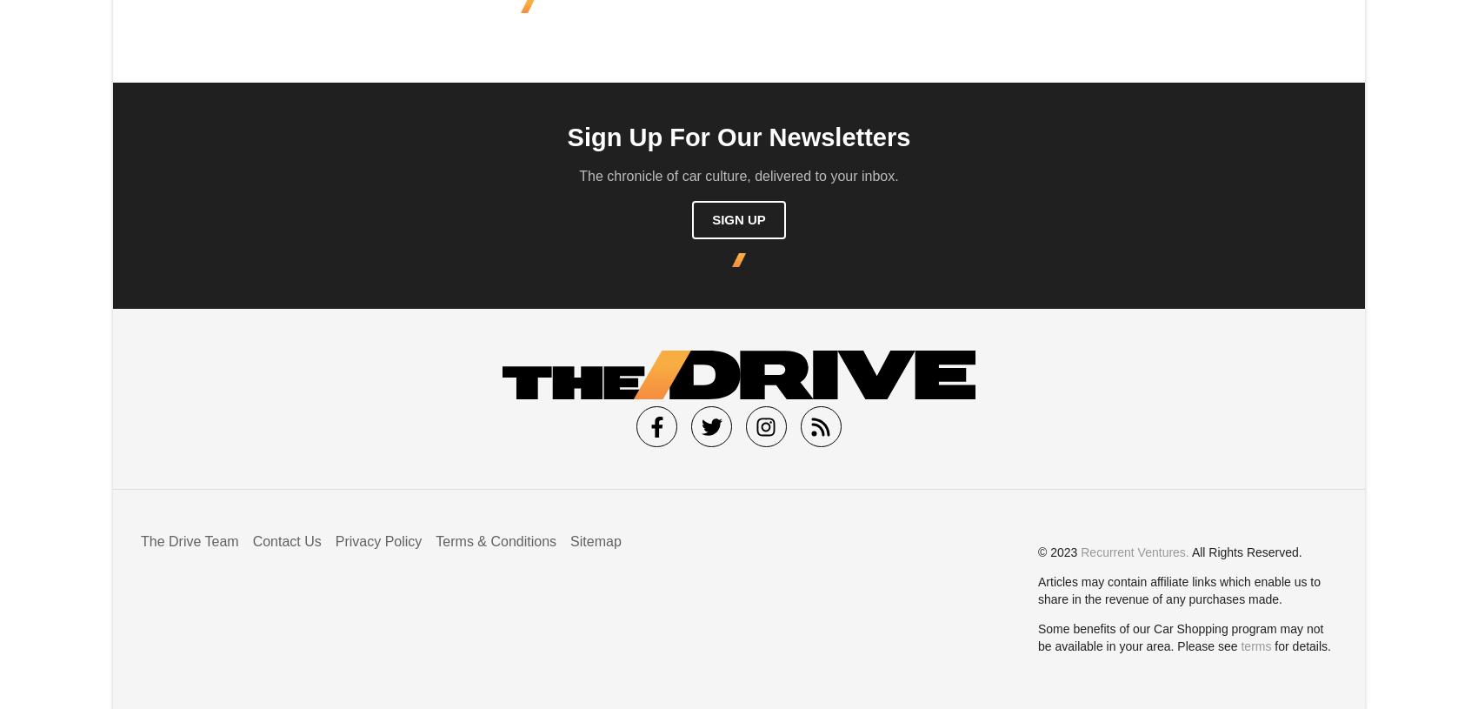 This screenshot has width=1478, height=709. Describe the element at coordinates (1179, 589) in the screenshot. I see `'Articles may contain affiliate links which enable us to share in the revenue of any purchases made.'` at that location.